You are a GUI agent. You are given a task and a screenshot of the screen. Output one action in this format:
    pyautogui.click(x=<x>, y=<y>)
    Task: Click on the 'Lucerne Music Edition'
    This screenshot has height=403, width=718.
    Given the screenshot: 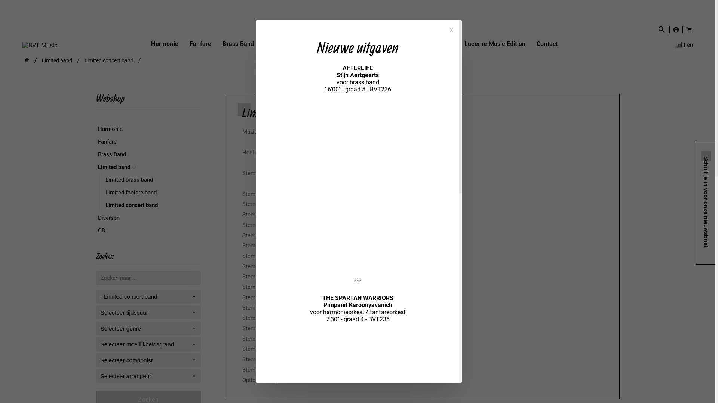 What is the action you would take?
    pyautogui.click(x=495, y=43)
    